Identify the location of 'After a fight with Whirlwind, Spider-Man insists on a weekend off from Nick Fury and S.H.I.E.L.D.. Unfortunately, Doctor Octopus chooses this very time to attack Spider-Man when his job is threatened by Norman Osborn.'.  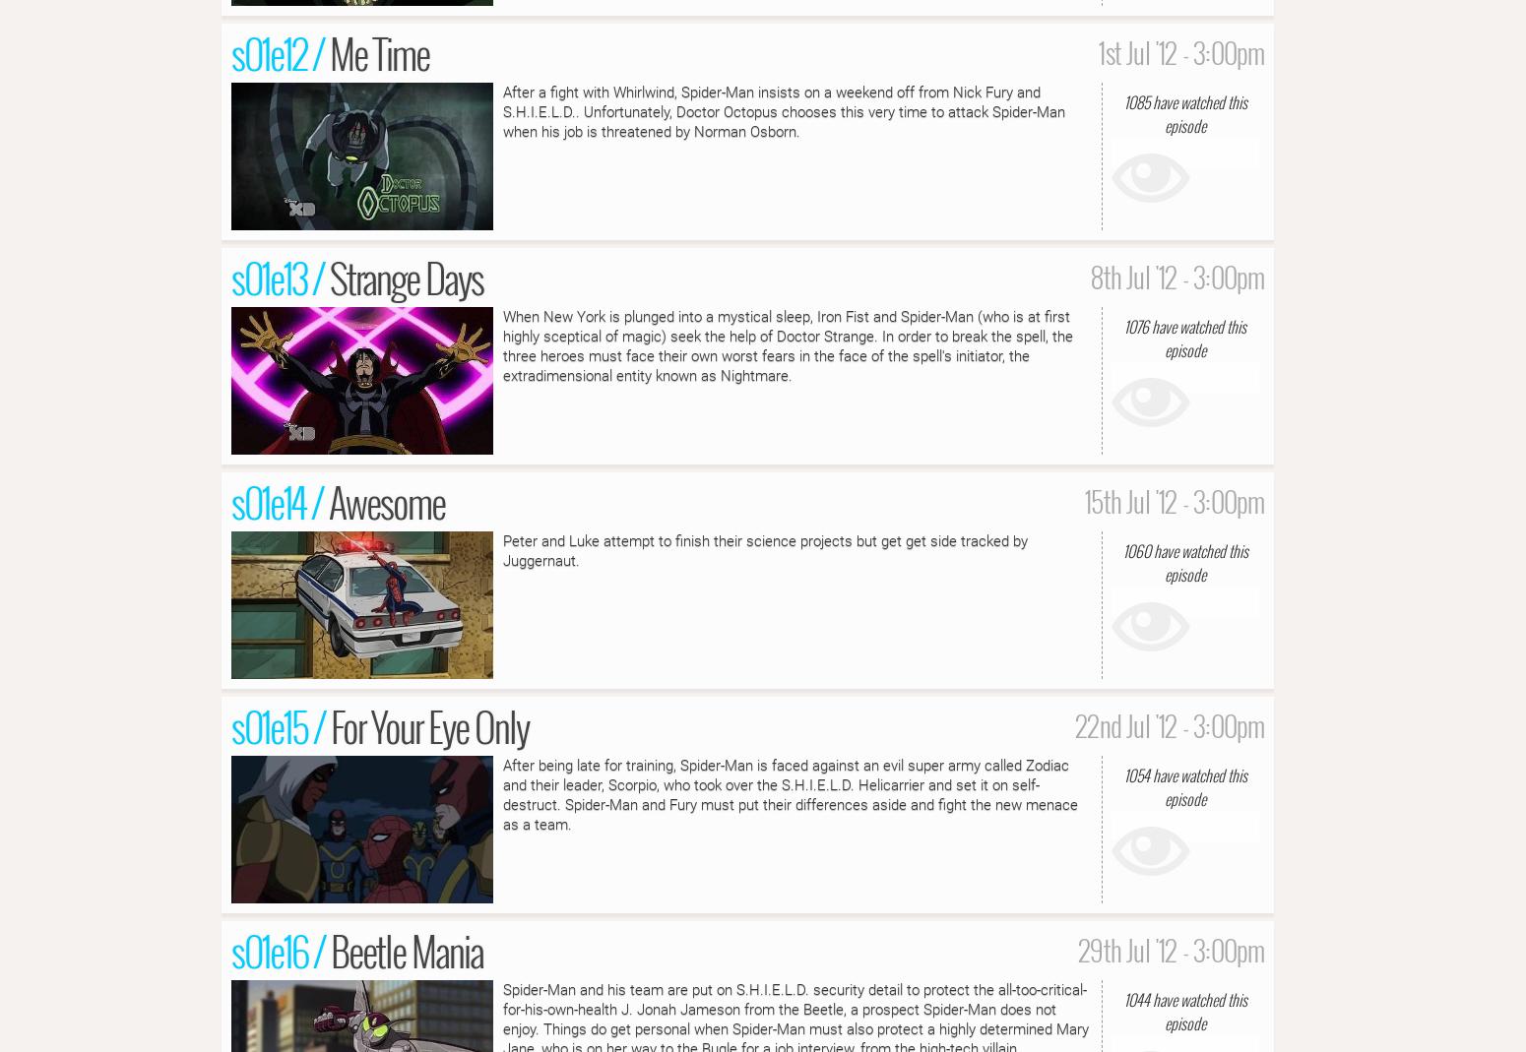
(783, 110).